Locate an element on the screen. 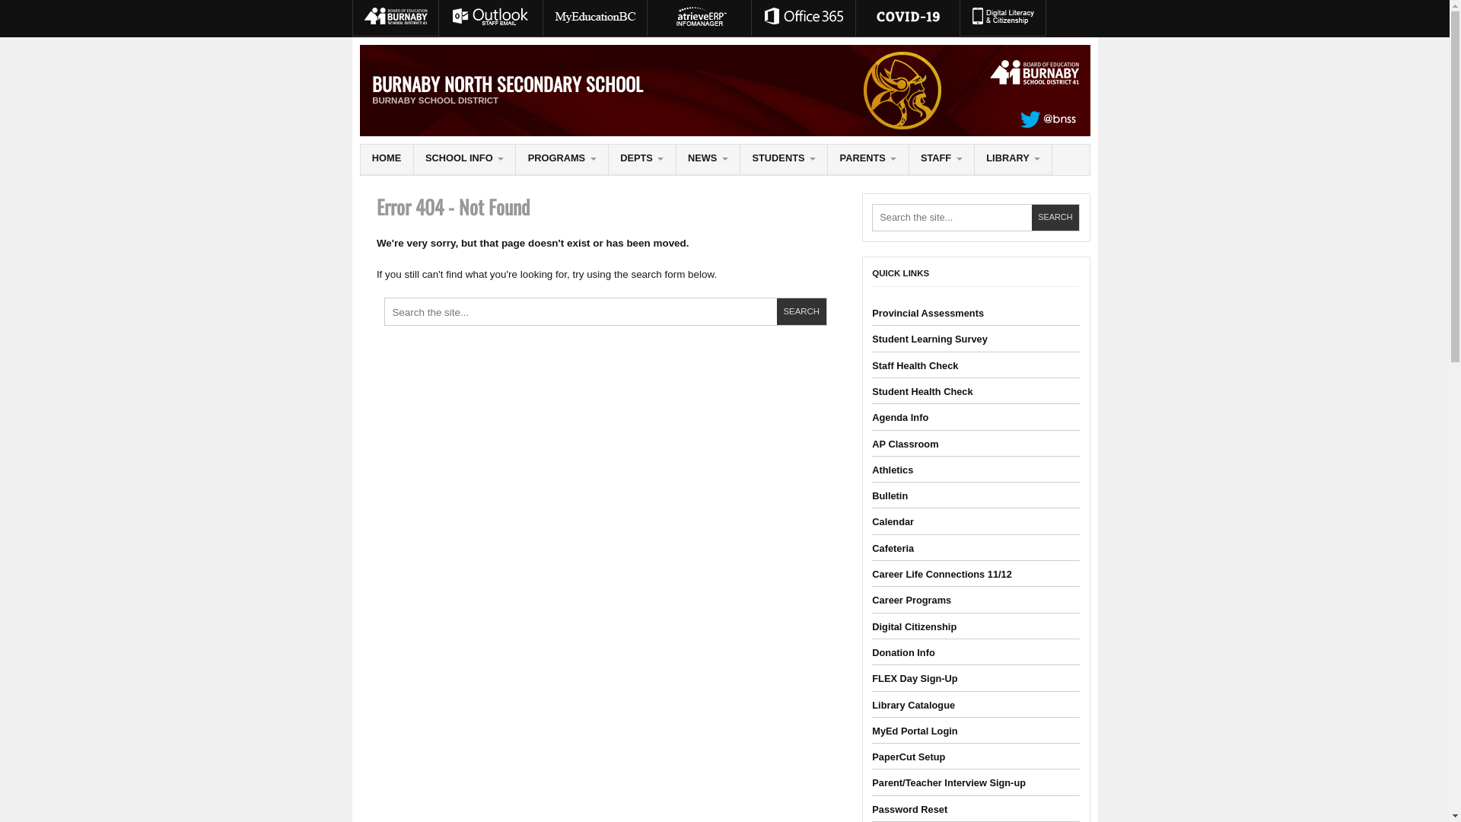 The width and height of the screenshot is (1461, 822). 'Bulletin' is located at coordinates (890, 495).